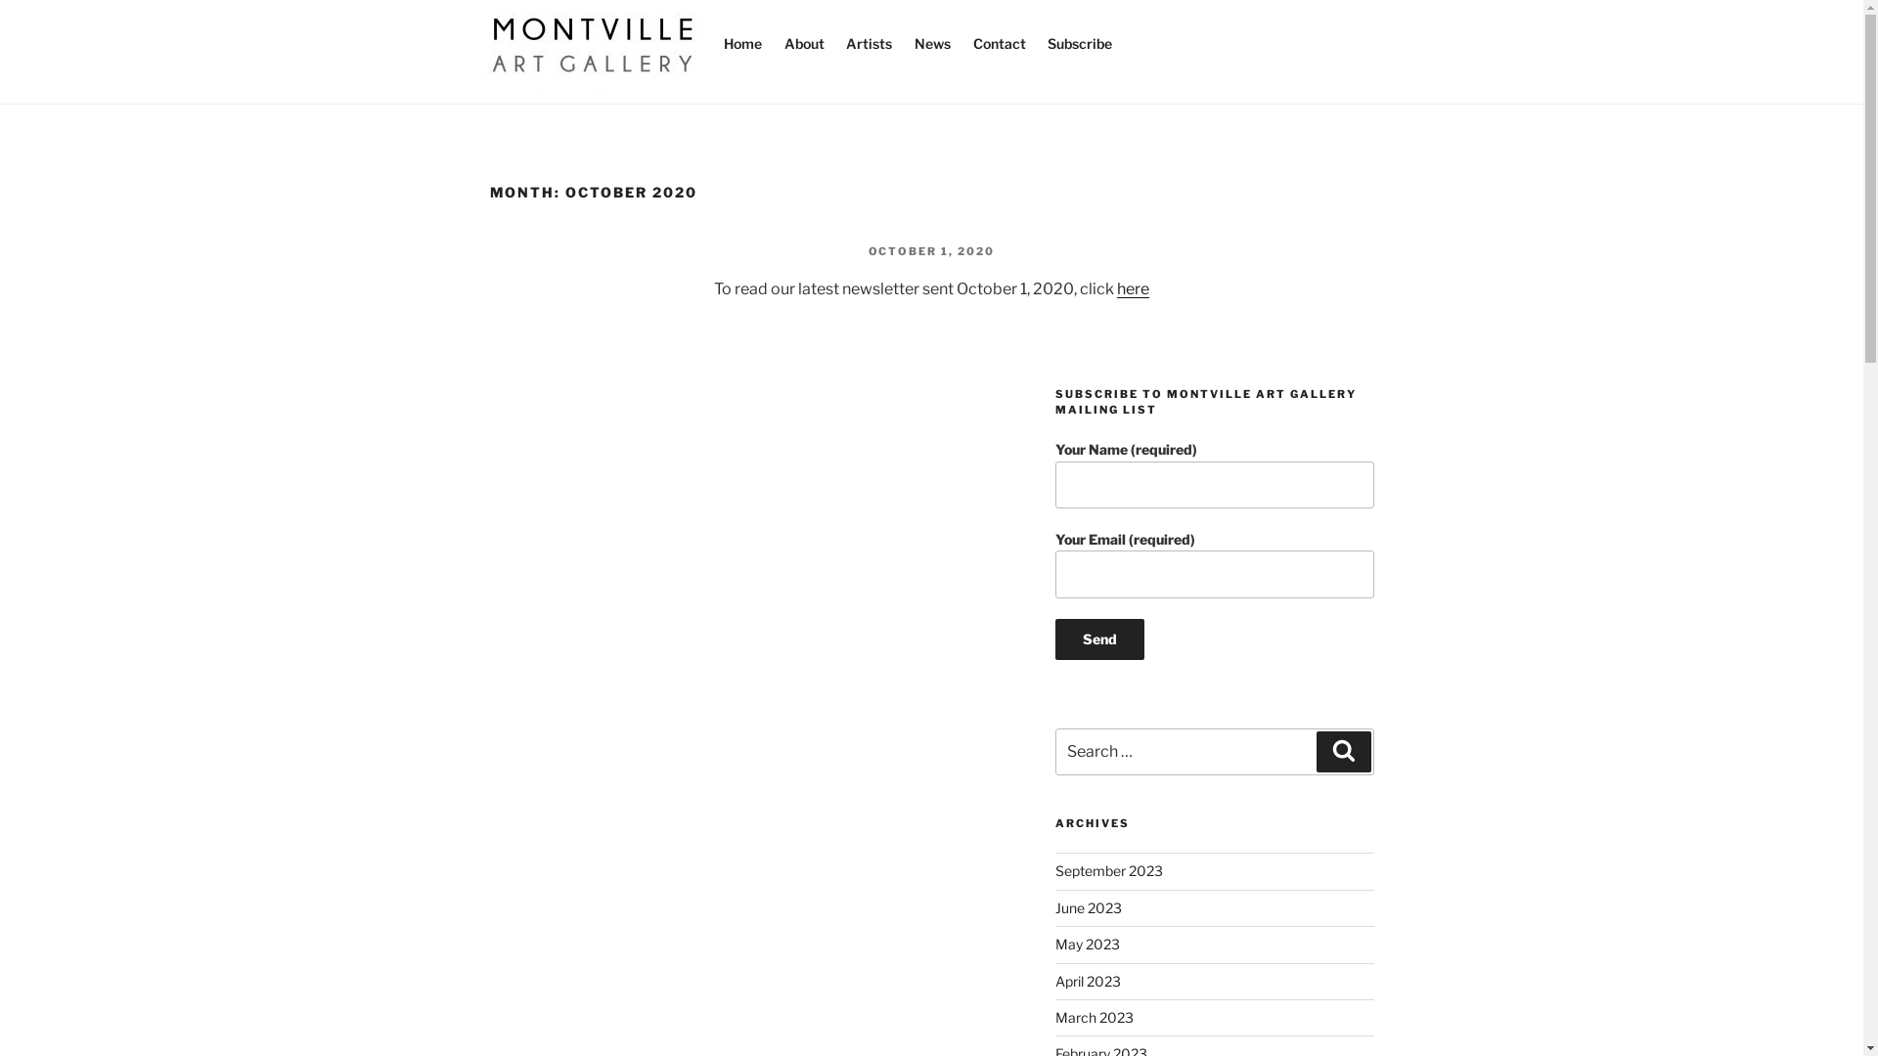 This screenshot has width=1878, height=1056. Describe the element at coordinates (1099, 639) in the screenshot. I see `'Send'` at that location.